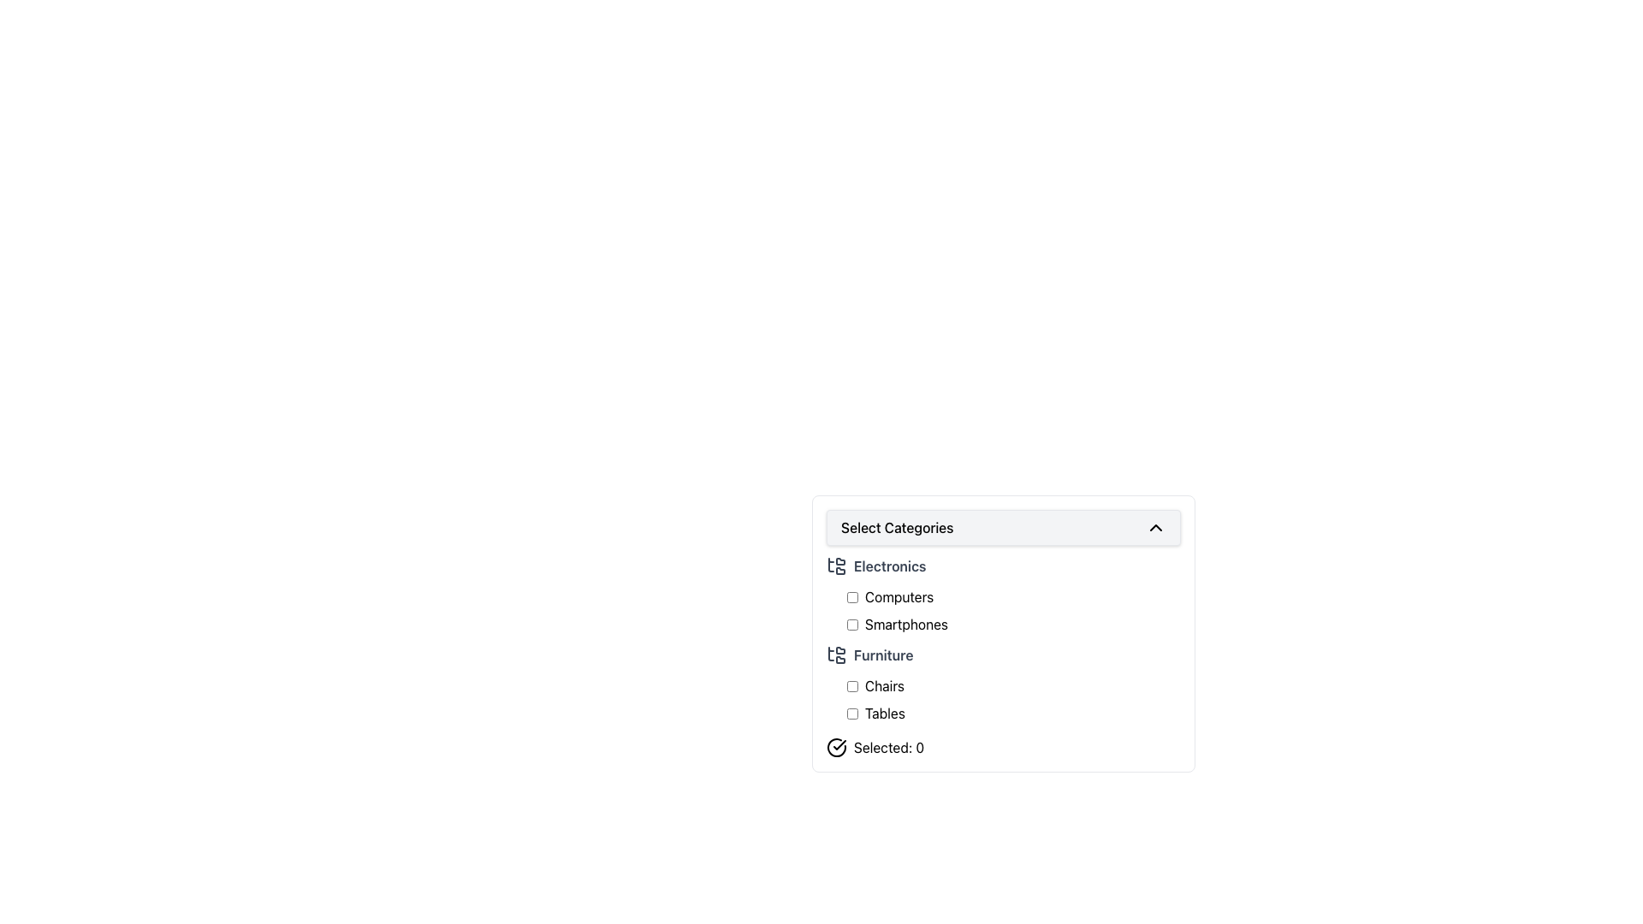 Image resolution: width=1643 pixels, height=924 pixels. Describe the element at coordinates (1014, 609) in the screenshot. I see `the checkbox for 'Computers' in the group of labeled checkboxes under the 'Electronics' category` at that location.